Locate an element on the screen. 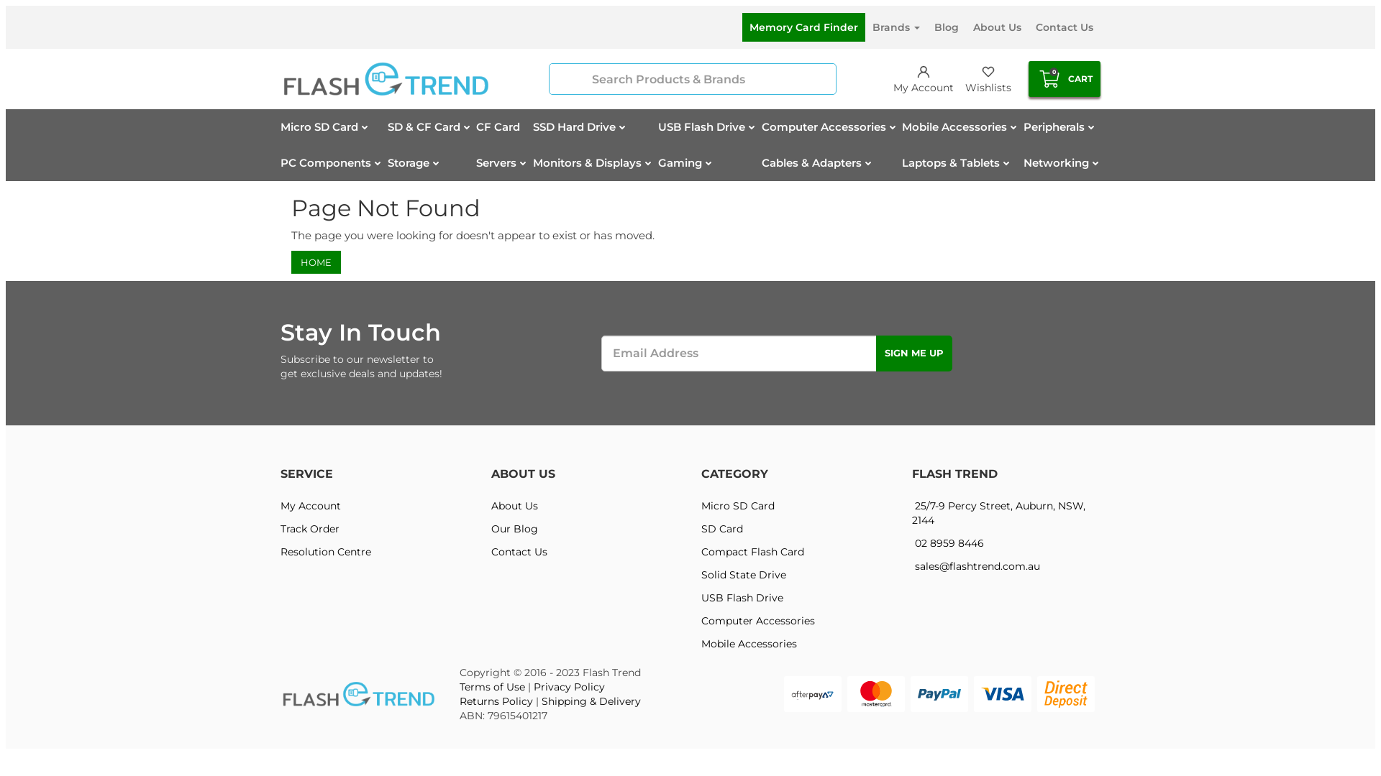 The width and height of the screenshot is (1381, 776). 'Cables & Adapters' is located at coordinates (817, 162).